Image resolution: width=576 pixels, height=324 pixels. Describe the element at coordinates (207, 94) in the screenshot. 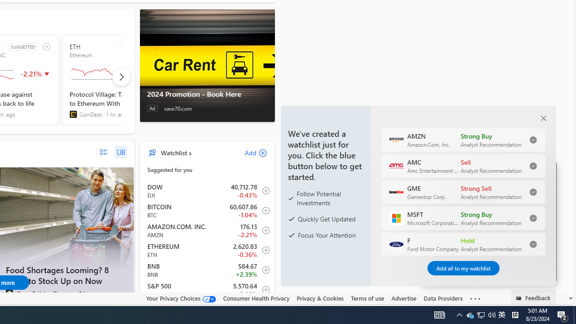

I see `'2024 Promotion - Book Here'` at that location.